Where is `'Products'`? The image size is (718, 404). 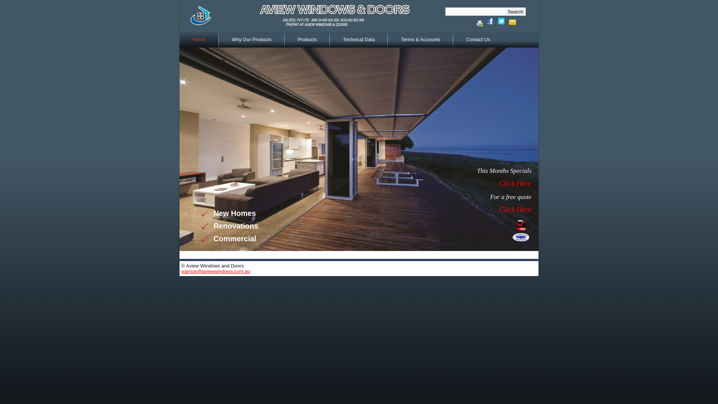
'Products' is located at coordinates (307, 39).